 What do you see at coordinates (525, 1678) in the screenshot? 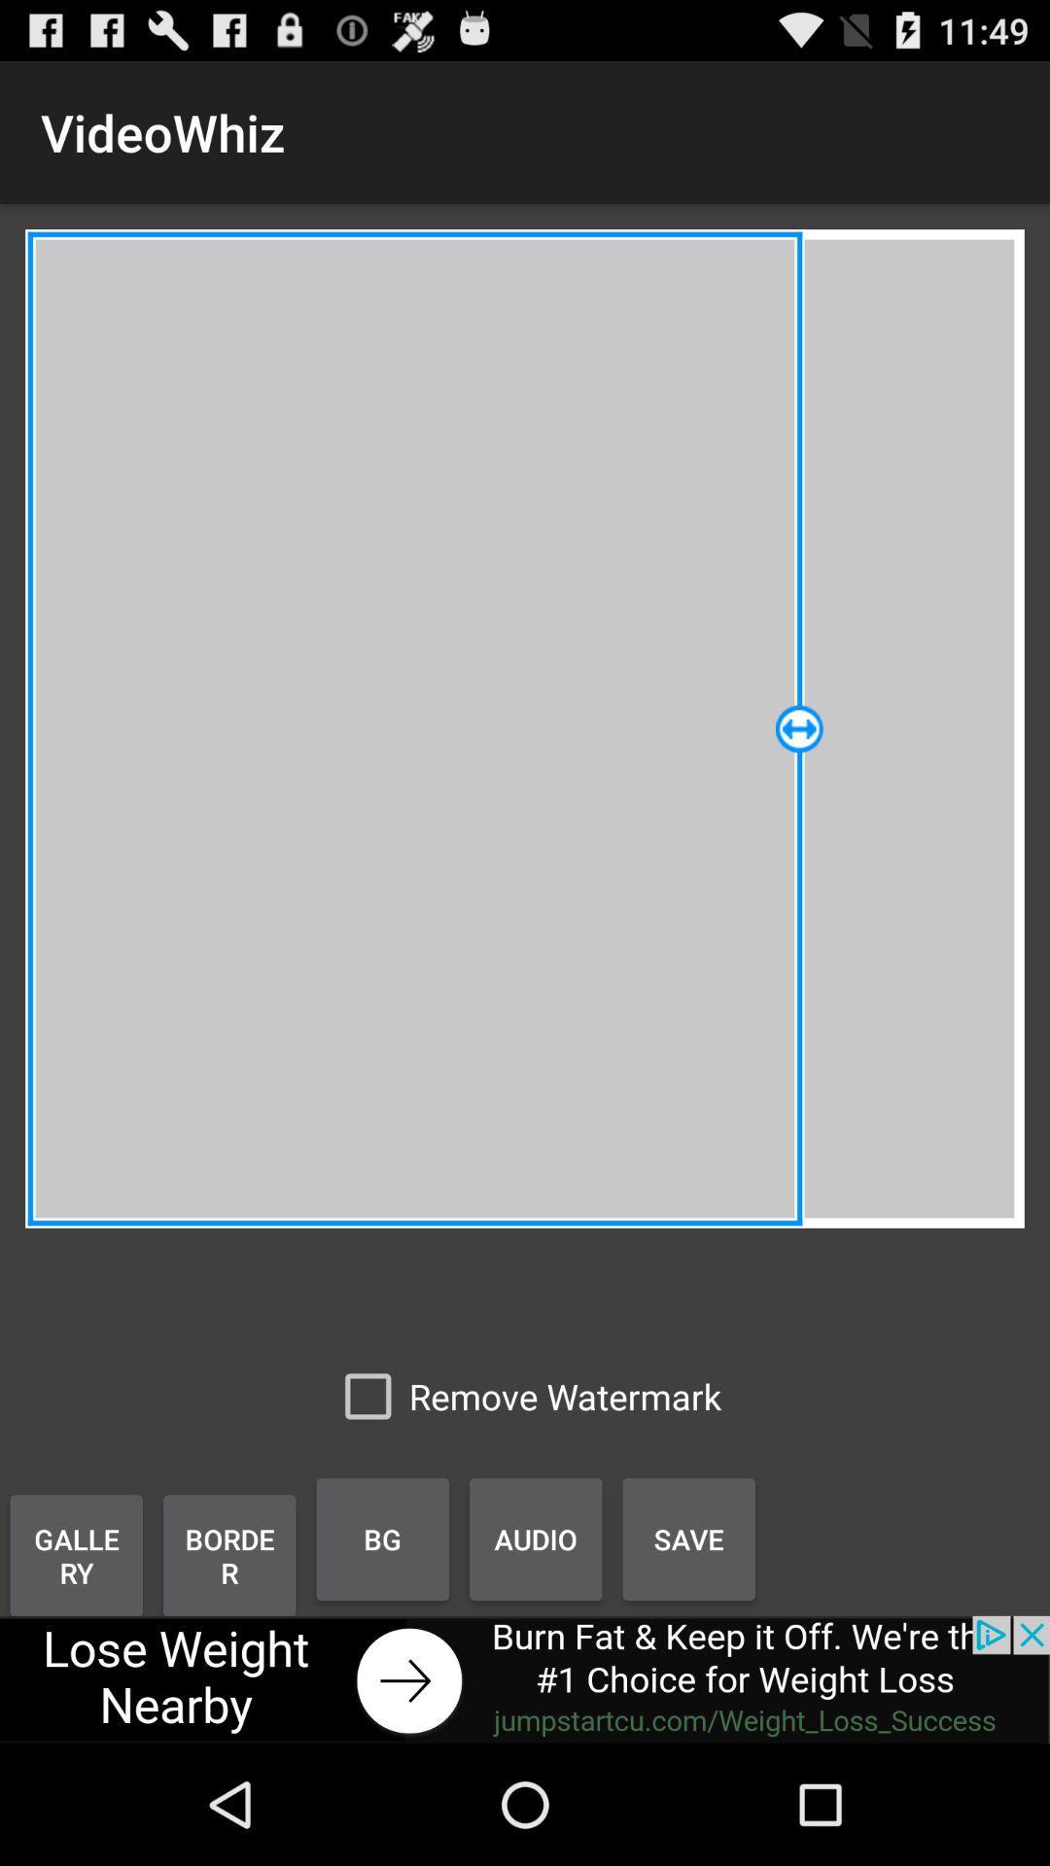
I see `visit advertiser website` at bounding box center [525, 1678].